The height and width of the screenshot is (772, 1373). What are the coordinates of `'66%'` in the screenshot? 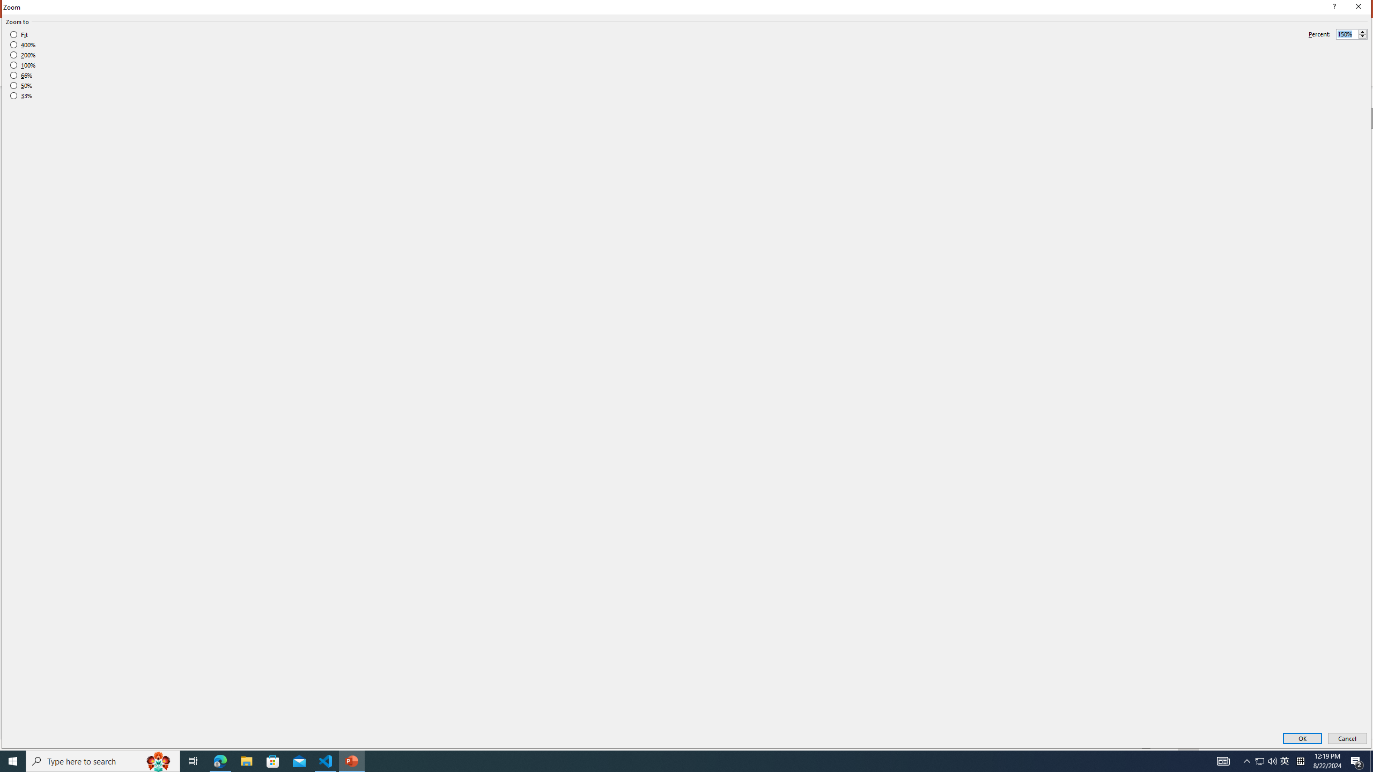 It's located at (20, 75).